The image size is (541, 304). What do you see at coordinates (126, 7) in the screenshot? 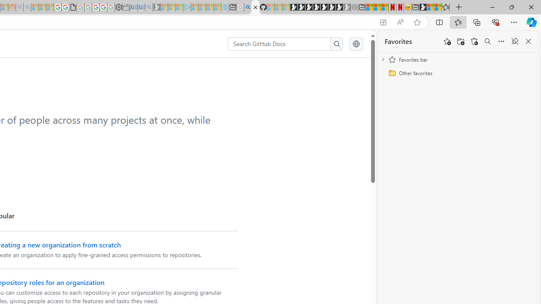
I see `'Wallet - Sleeping'` at bounding box center [126, 7].